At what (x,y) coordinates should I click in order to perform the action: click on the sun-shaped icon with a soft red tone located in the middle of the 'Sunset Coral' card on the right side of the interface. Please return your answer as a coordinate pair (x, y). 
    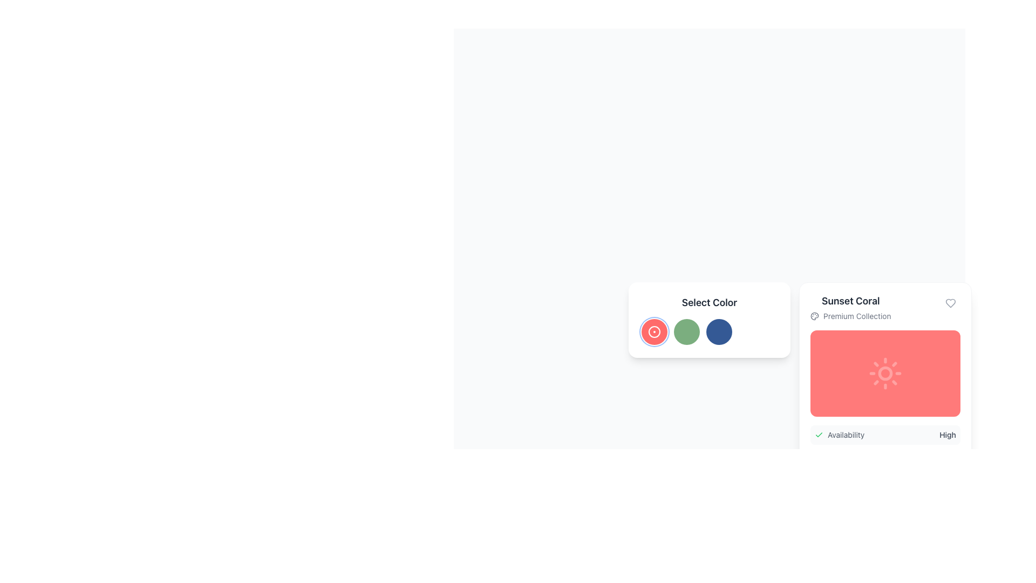
    Looking at the image, I should click on (885, 372).